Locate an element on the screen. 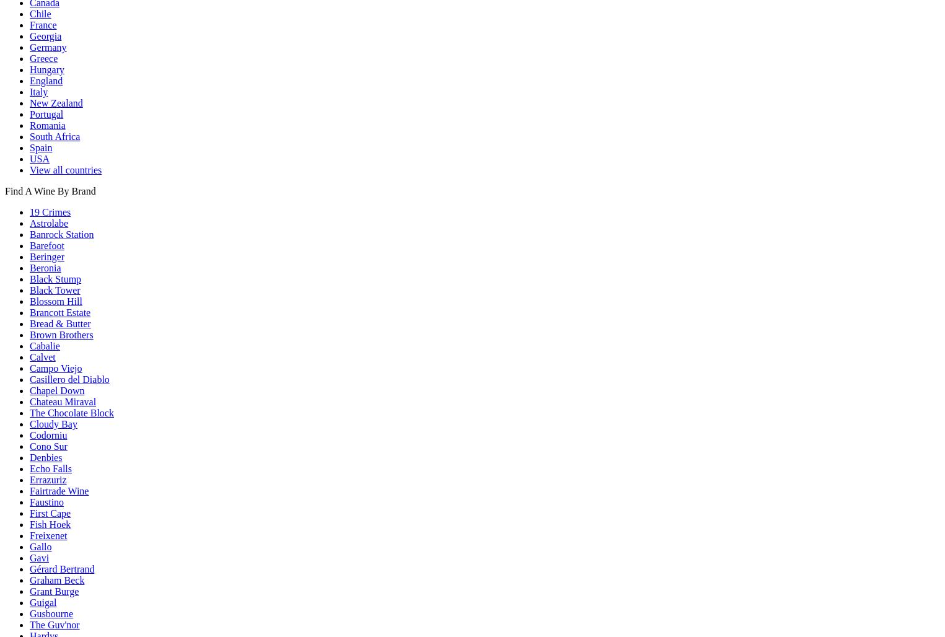  'Cono Sur' is located at coordinates (48, 445).